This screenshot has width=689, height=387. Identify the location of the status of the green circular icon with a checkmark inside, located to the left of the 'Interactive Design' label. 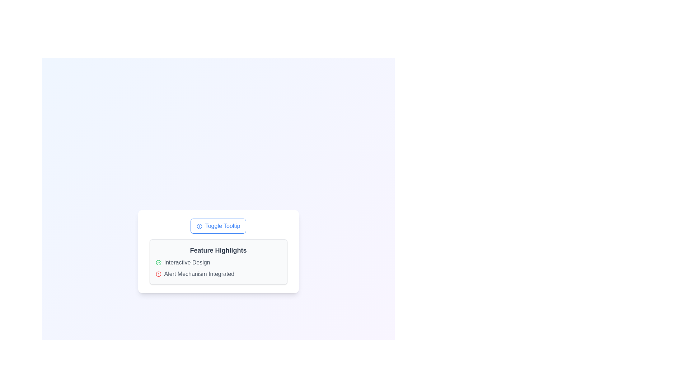
(158, 262).